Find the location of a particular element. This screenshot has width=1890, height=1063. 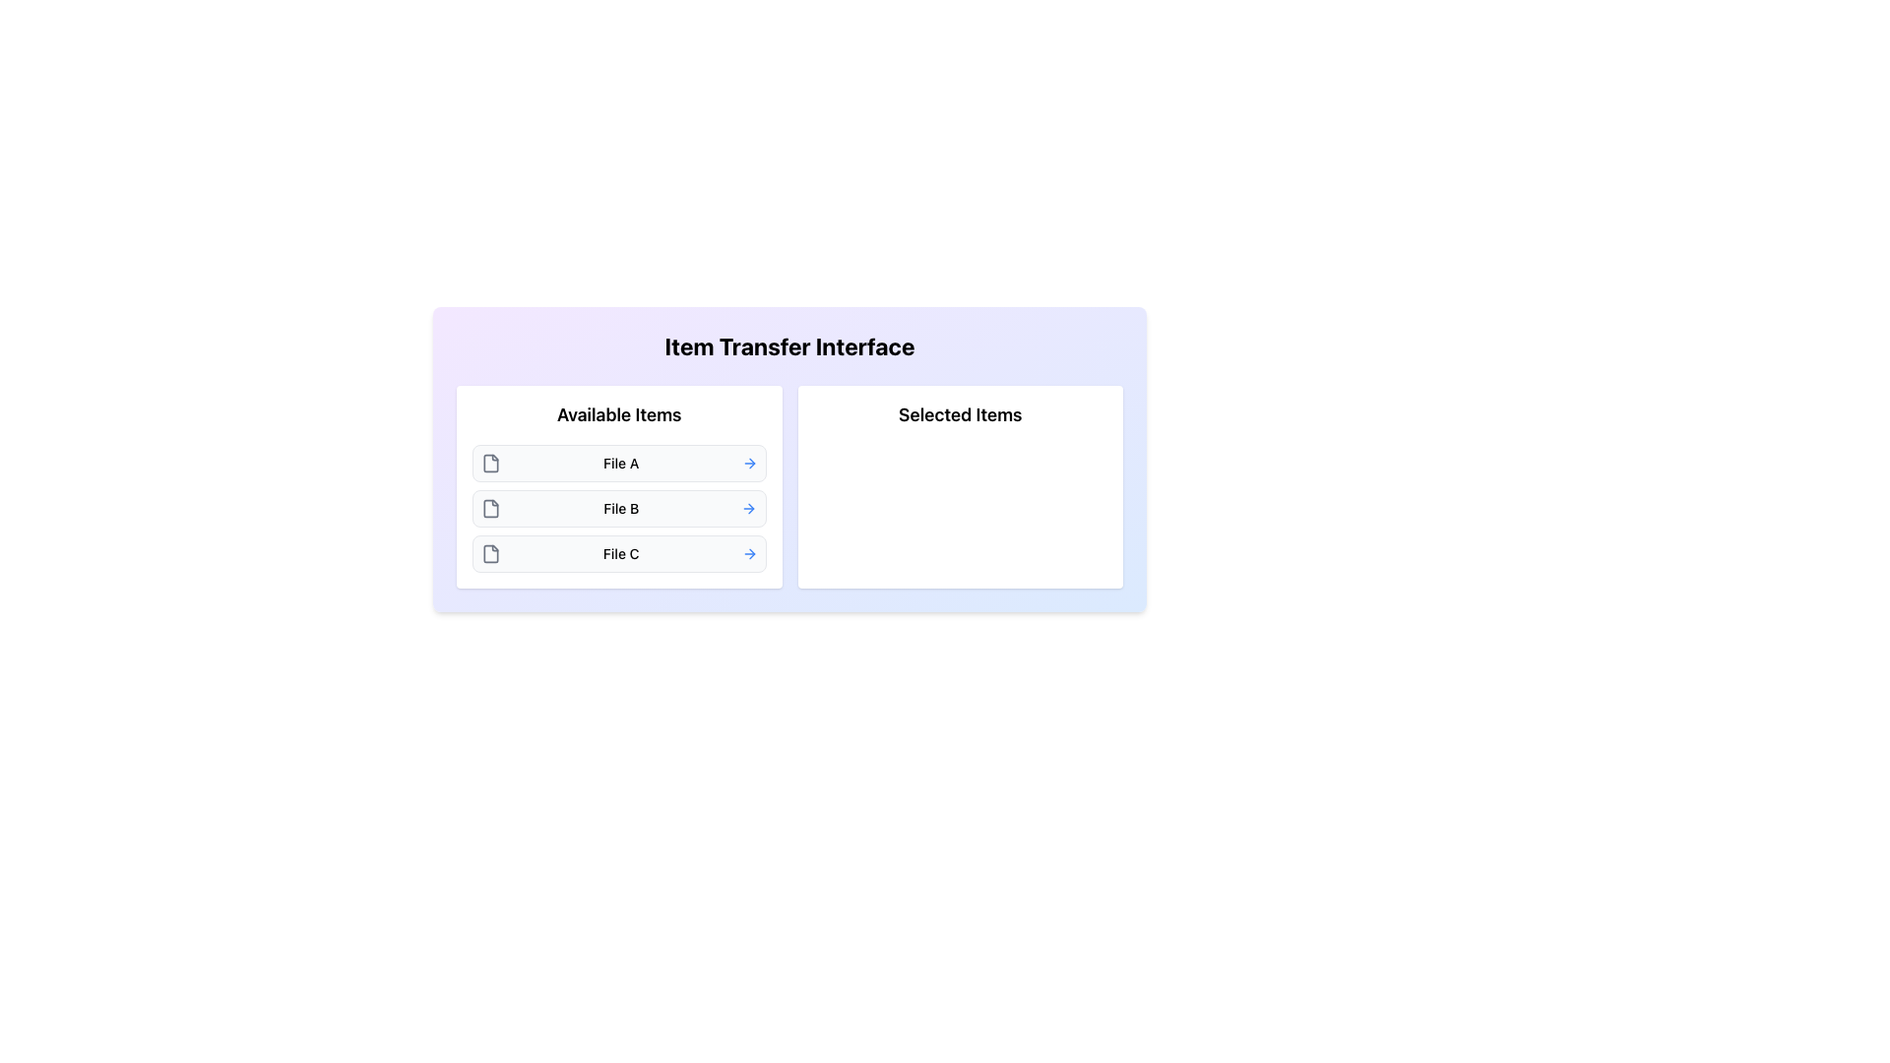

the icon representing the file entry 'File C' located in the 'Available Items' section of the item transfer interface, situated on the left side of the 'File C' label is located at coordinates (491, 554).